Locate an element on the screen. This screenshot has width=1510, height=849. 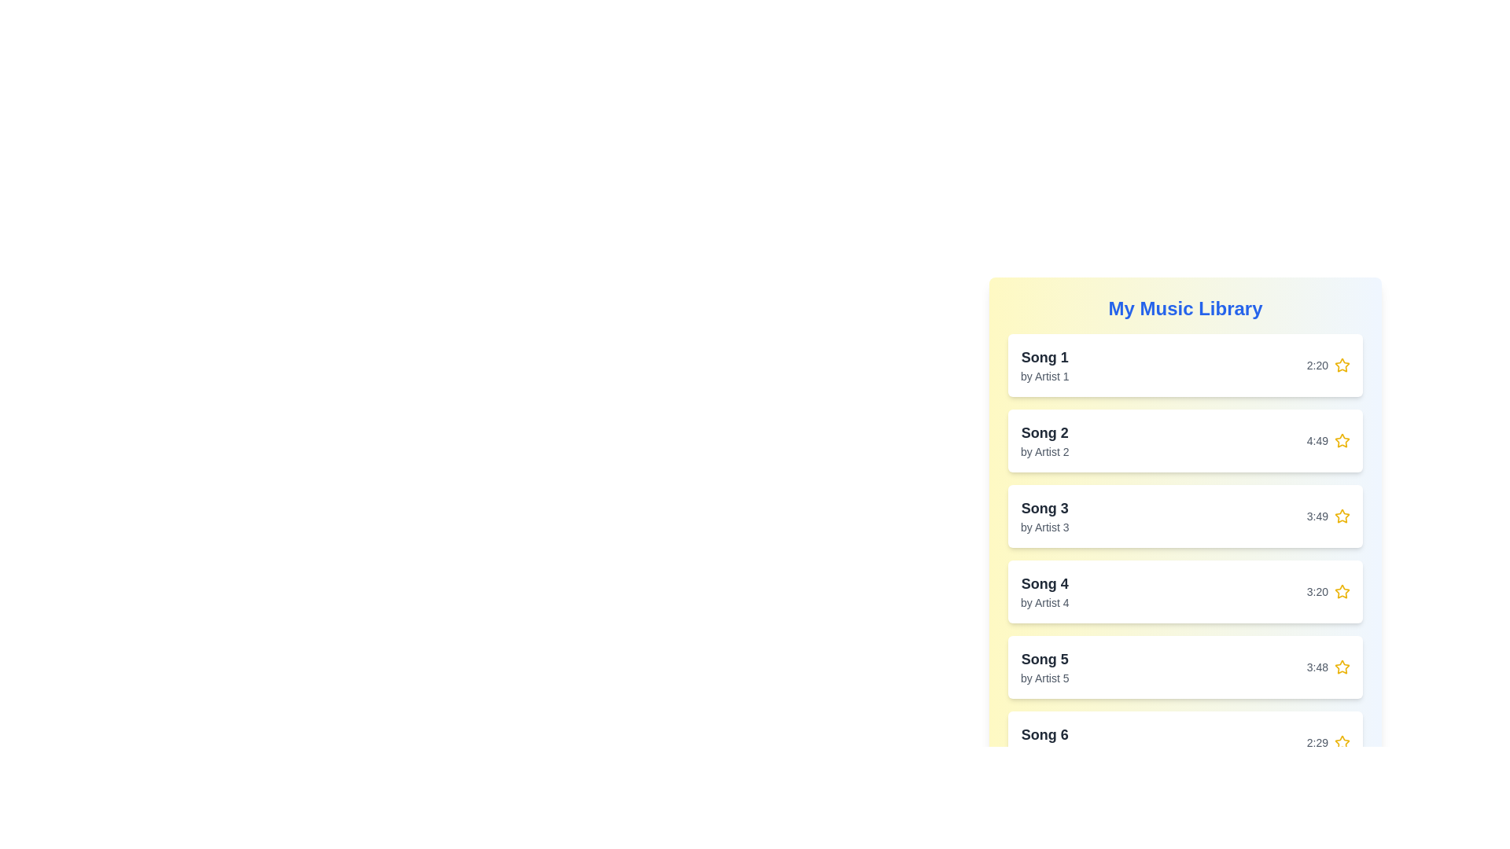
the text display component that shows the title and artist of a song in the music library, specifically the second item in the list under 'My Music Library.' is located at coordinates (1044, 440).